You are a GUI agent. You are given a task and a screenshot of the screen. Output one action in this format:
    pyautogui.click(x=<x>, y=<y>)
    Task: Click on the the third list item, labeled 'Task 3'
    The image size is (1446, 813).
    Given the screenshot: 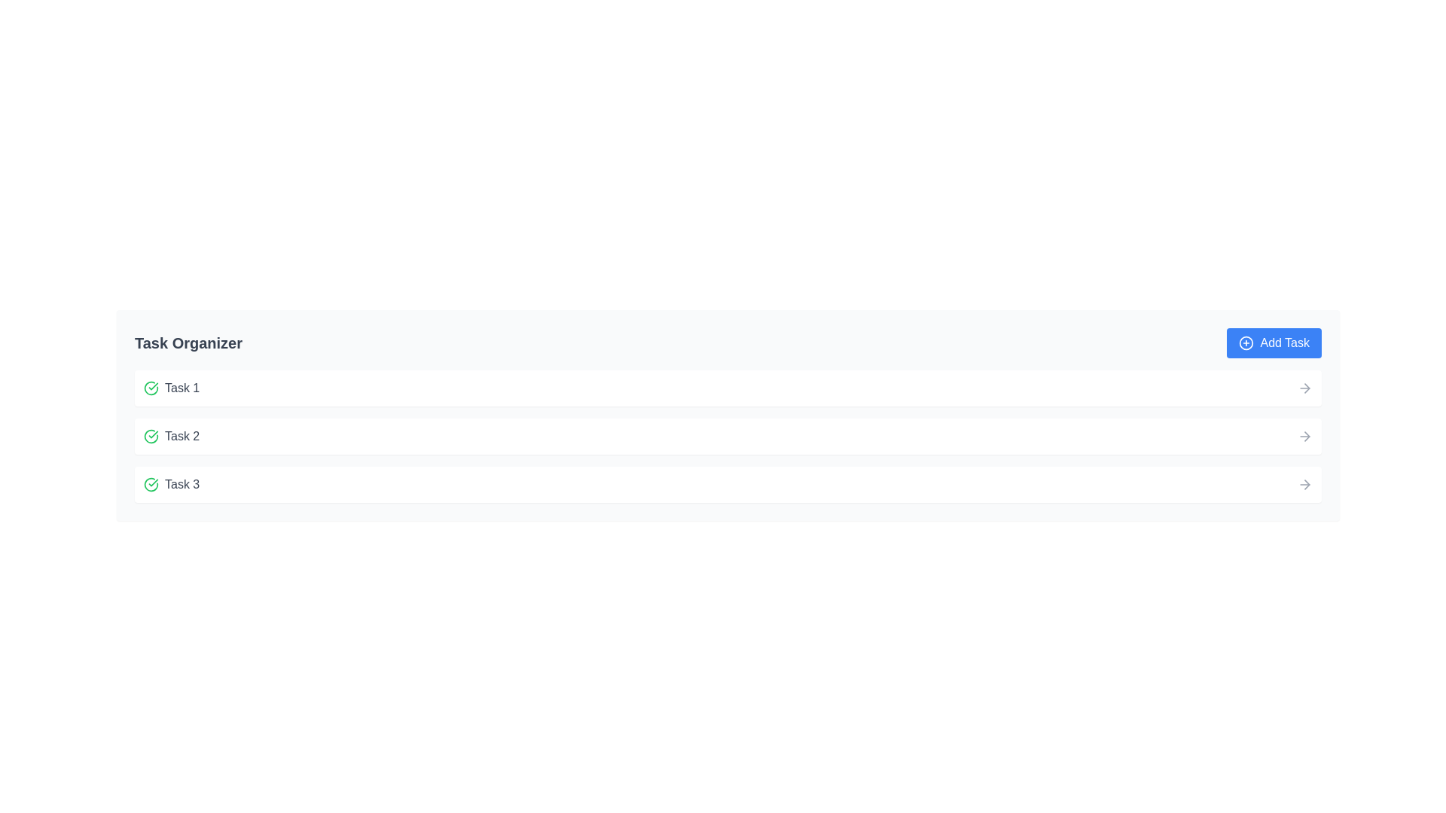 What is the action you would take?
    pyautogui.click(x=728, y=485)
    